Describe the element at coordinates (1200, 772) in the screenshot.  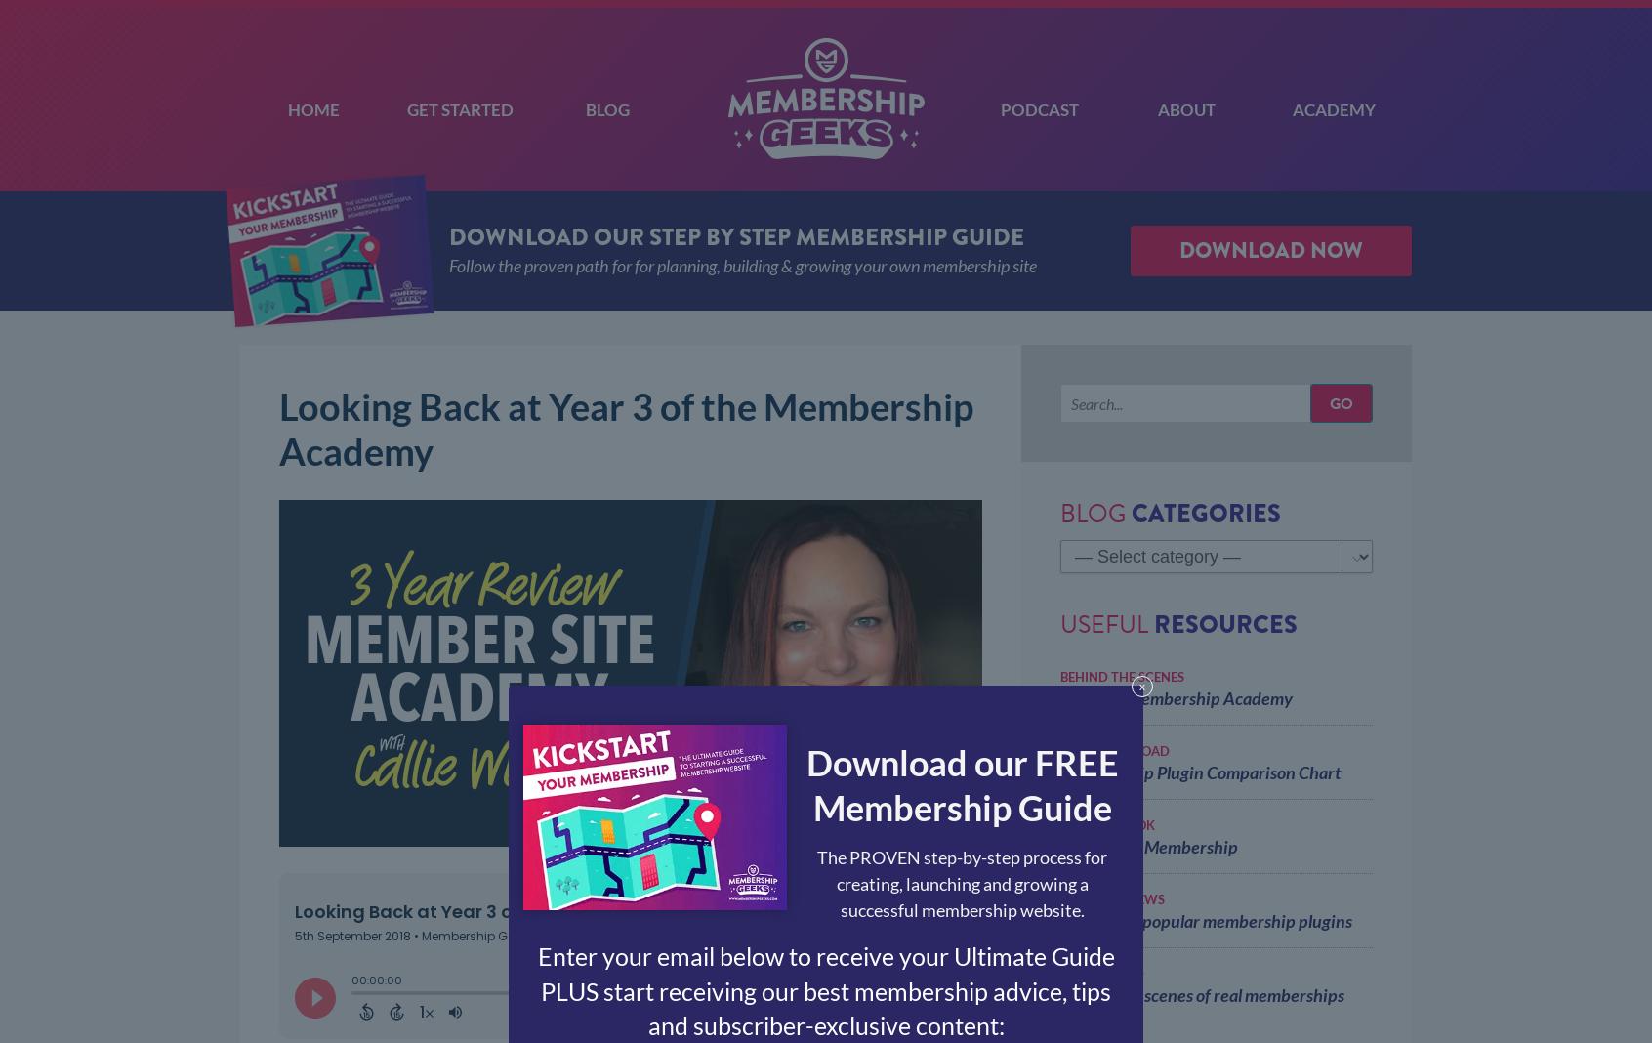
I see `'Membership Plugin Comparison Chart'` at that location.